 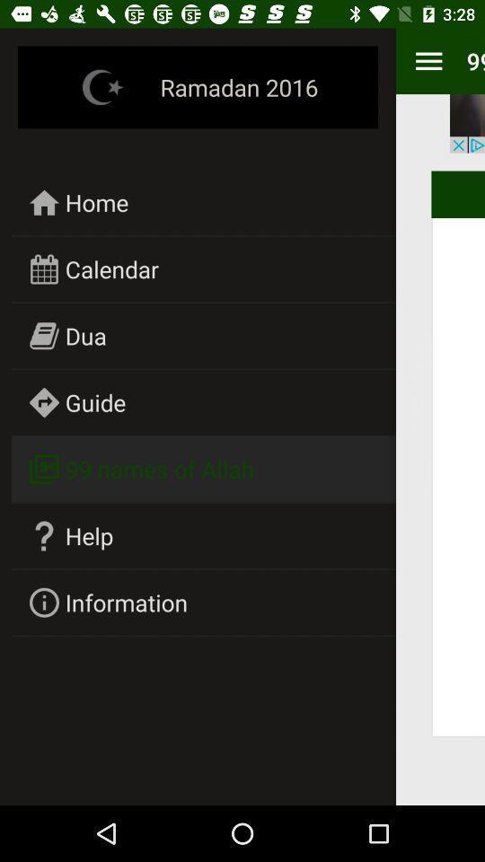 What do you see at coordinates (428, 61) in the screenshot?
I see `icon next to the ramadan 2016` at bounding box center [428, 61].